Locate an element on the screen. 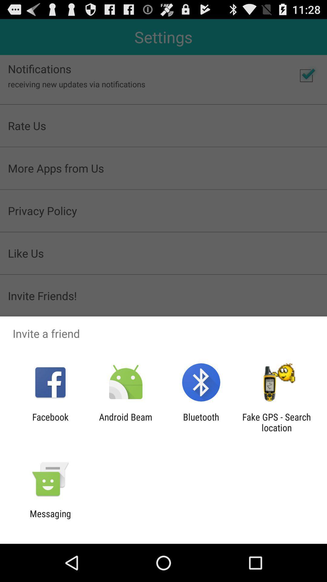  the fake gps search icon is located at coordinates (276, 422).